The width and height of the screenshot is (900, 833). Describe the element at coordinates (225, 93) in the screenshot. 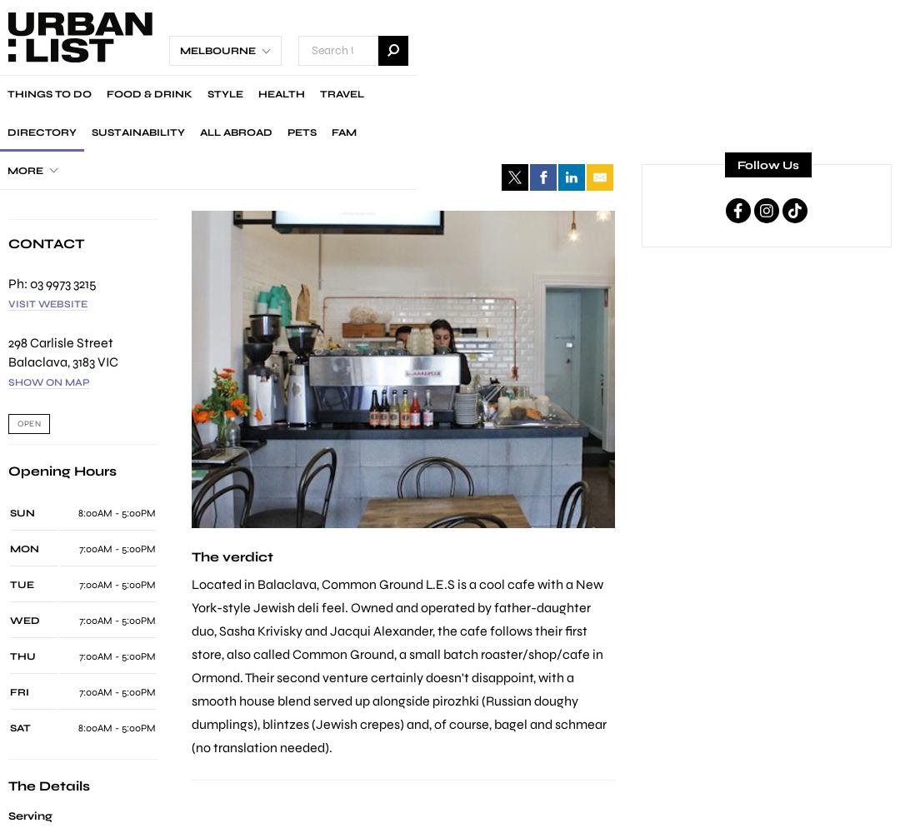

I see `'Style'` at that location.